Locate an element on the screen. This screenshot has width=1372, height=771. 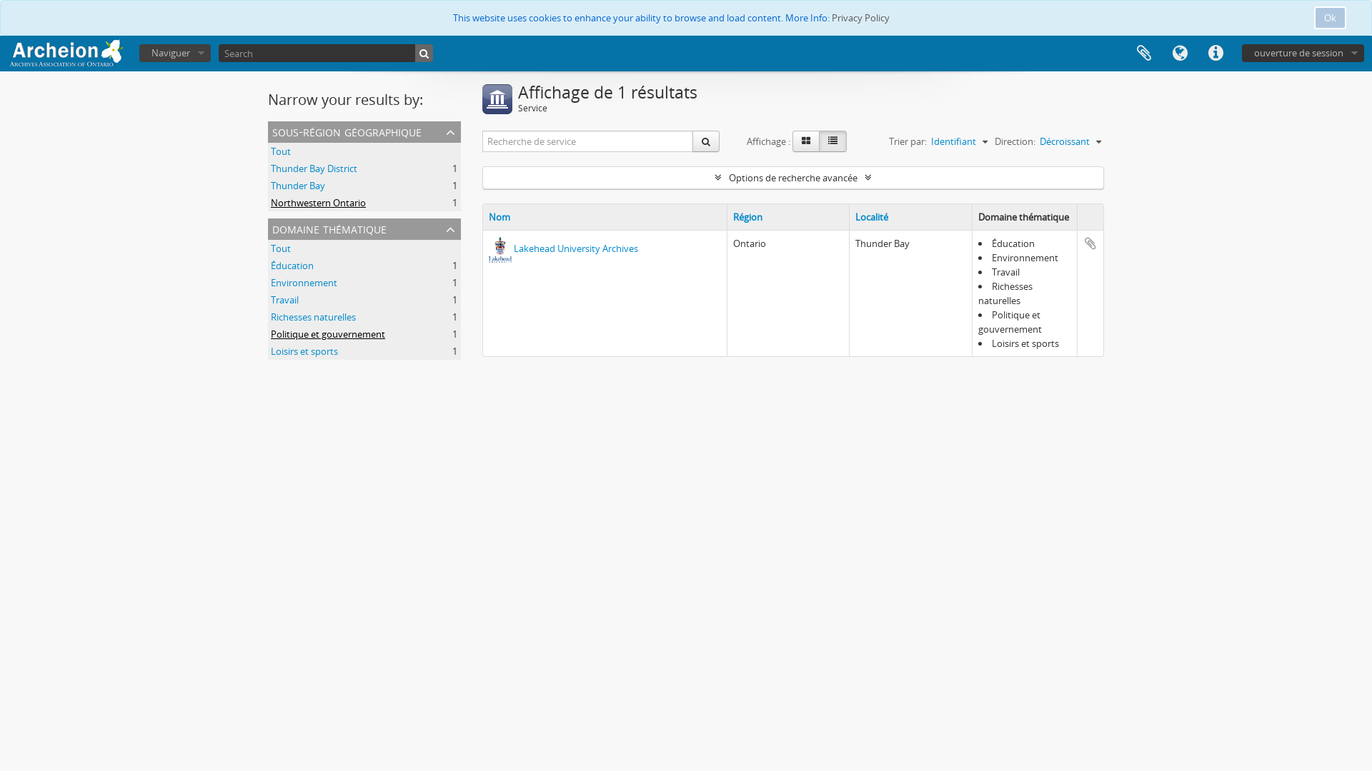
'Langue' is located at coordinates (1180, 52).